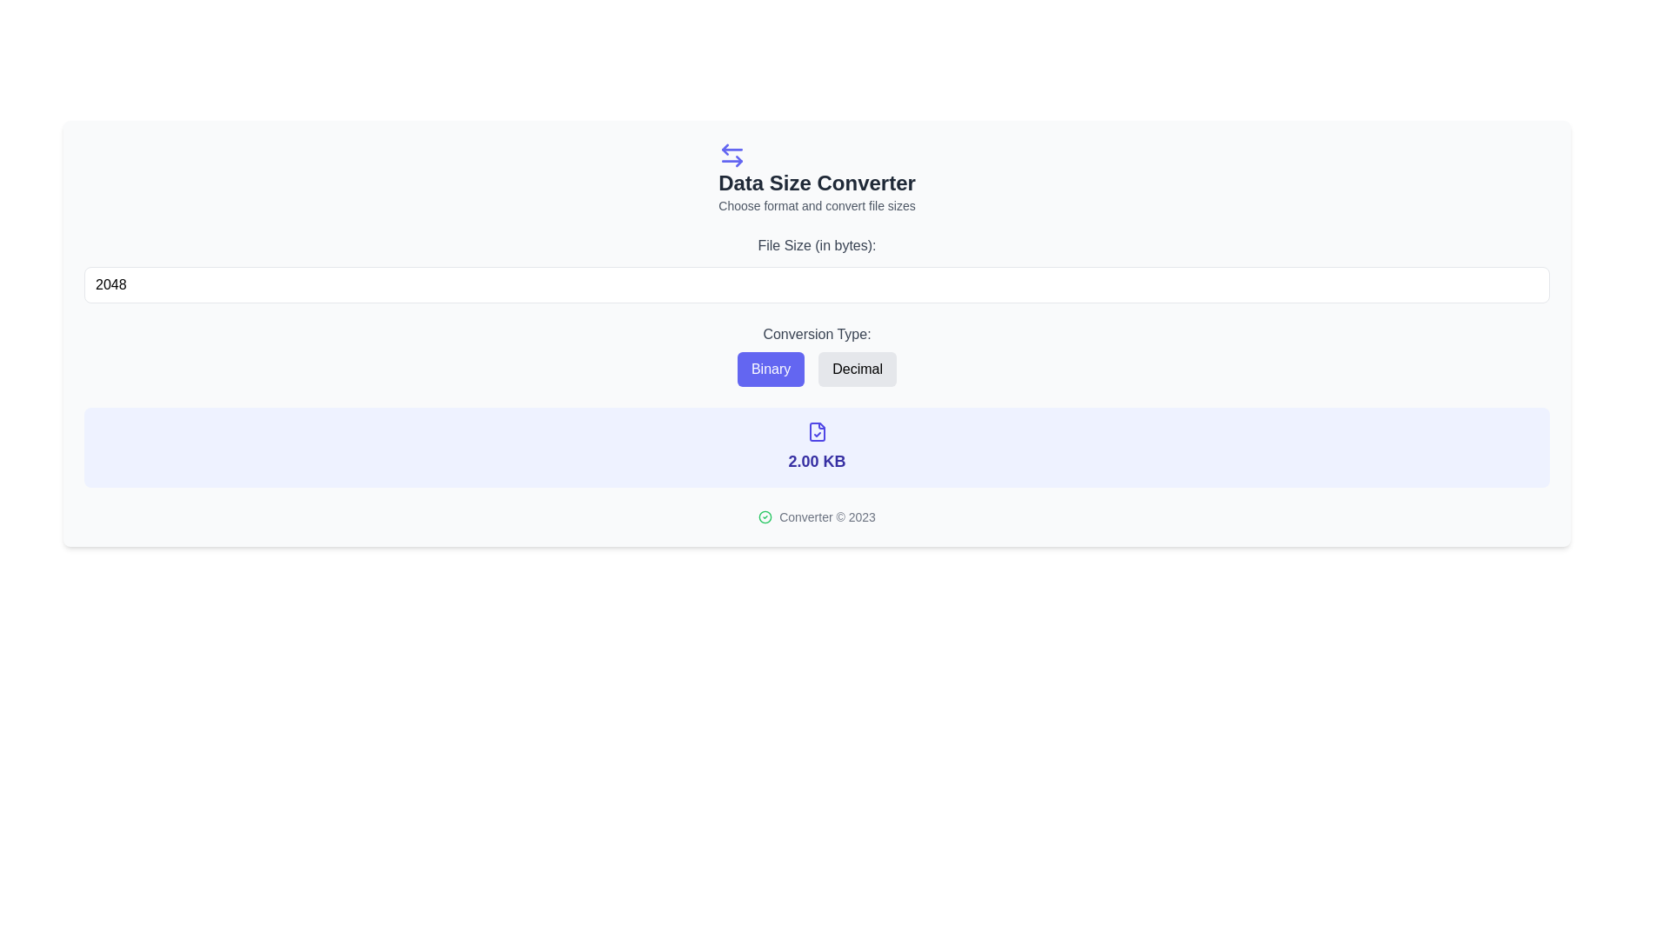 This screenshot has width=1670, height=939. Describe the element at coordinates (732, 154) in the screenshot. I see `the conversion icon located above the 'Data Size Converter' text, aligned with its left edge` at that location.